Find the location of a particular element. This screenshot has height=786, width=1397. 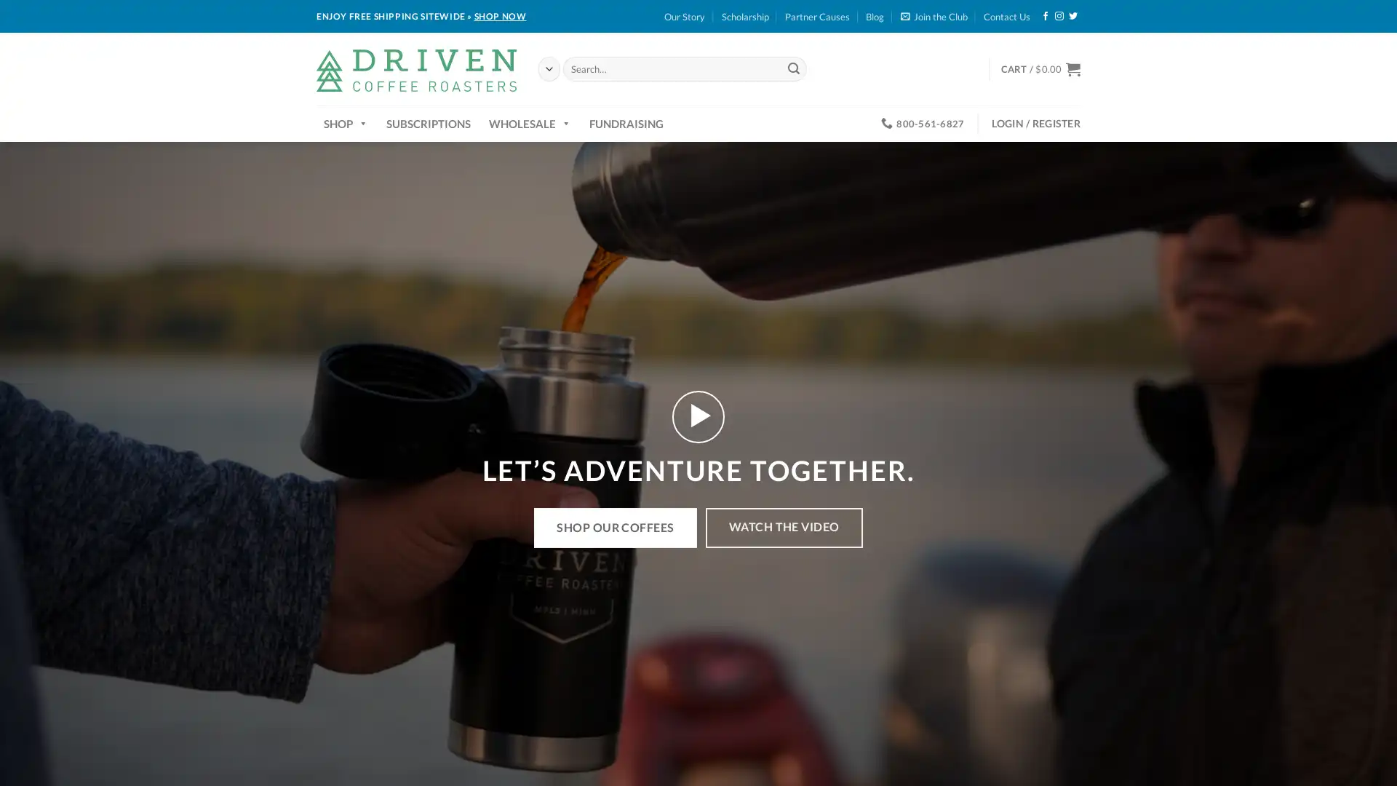

Submit is located at coordinates (792, 68).